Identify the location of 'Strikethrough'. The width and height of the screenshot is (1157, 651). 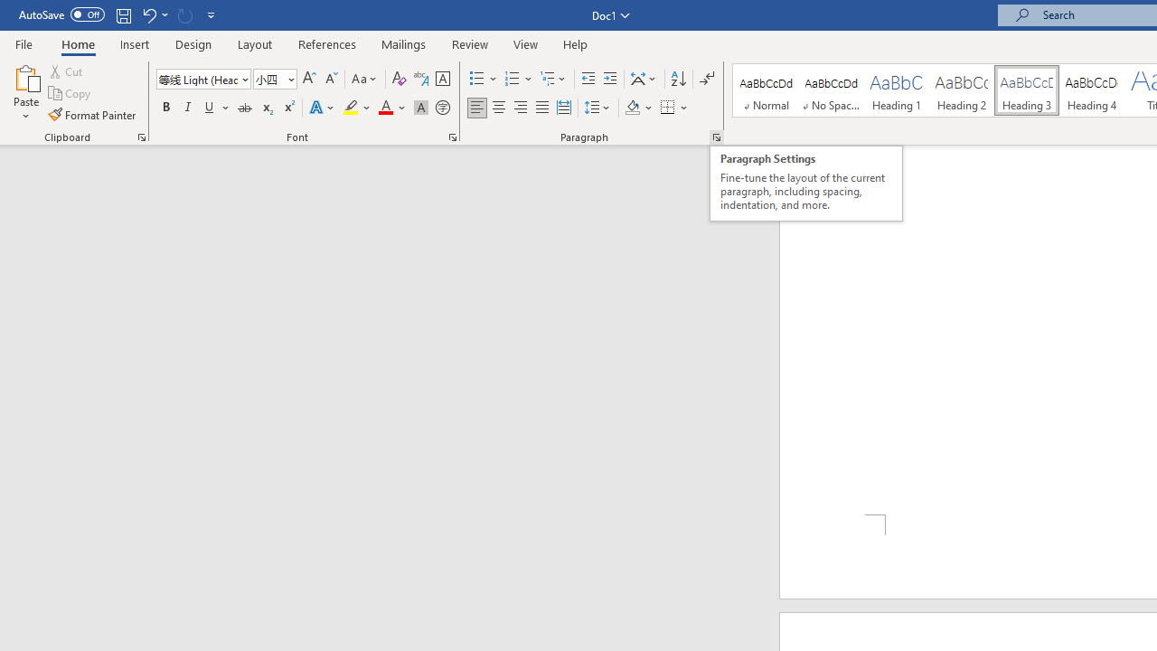
(243, 108).